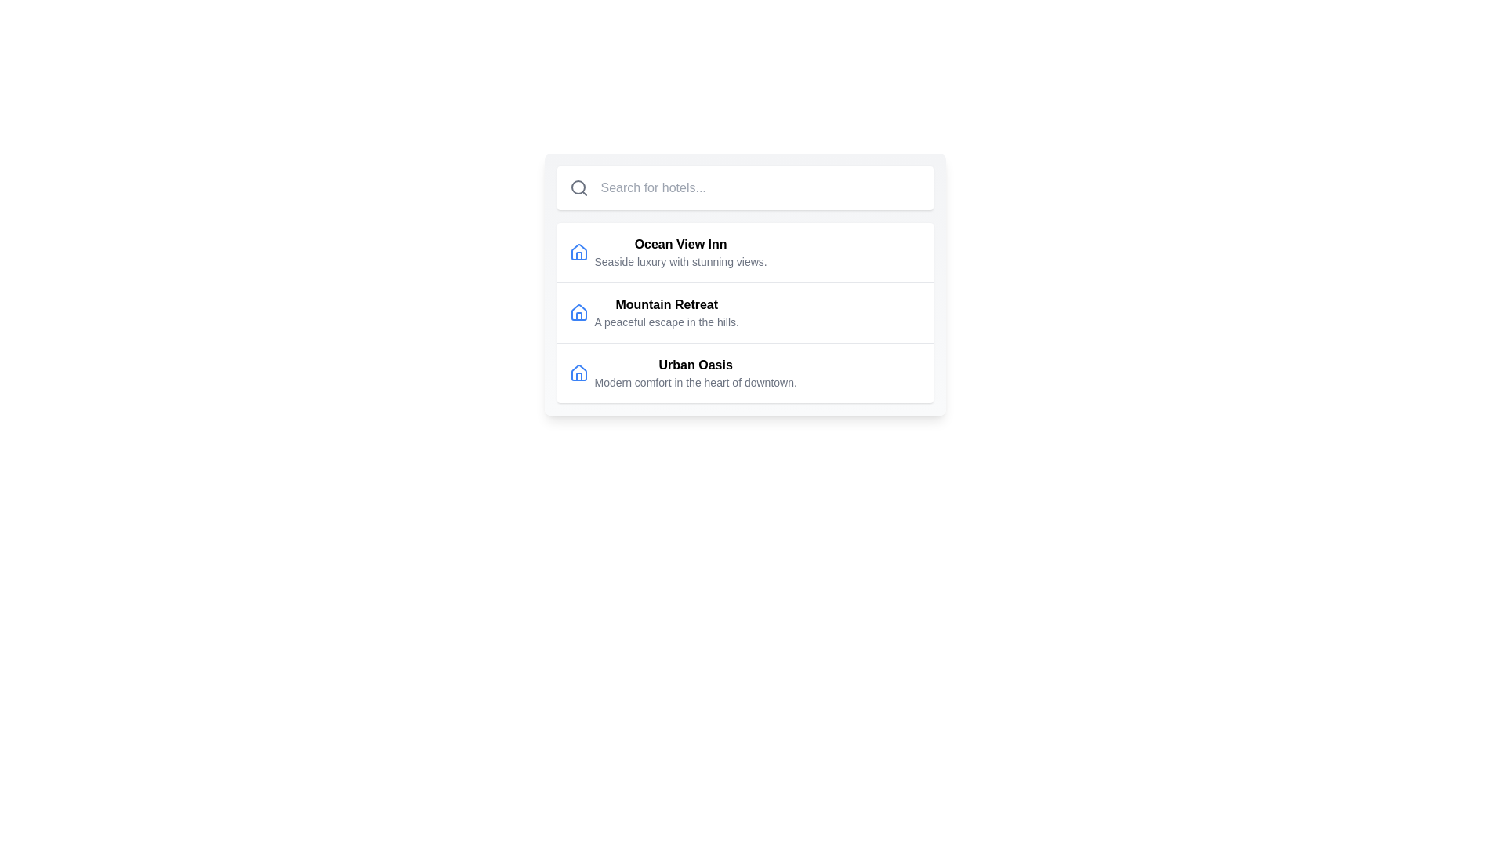 This screenshot has height=847, width=1505. I want to click on the static text providing a descriptive tagline for the 'Mountain Retreat' entry, located as the second line of text under the title 'Mountain Retreat', so click(666, 322).